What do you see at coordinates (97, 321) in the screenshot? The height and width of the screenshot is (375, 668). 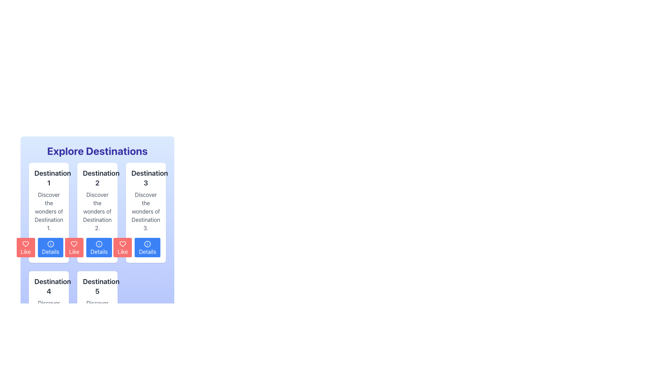 I see `the informational card titled 'Destination 5' which is located in the last column of the second row within the grid layout` at bounding box center [97, 321].